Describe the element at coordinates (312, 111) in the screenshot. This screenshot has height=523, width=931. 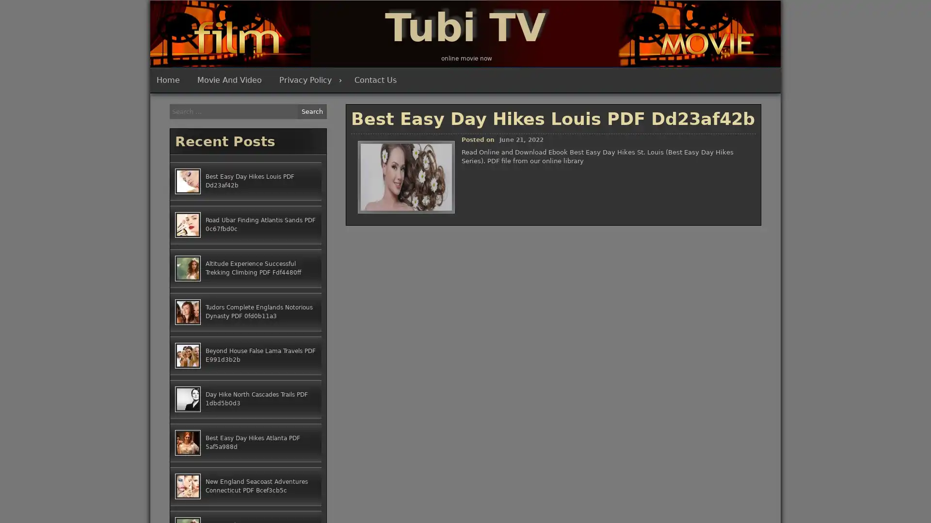
I see `Search` at that location.